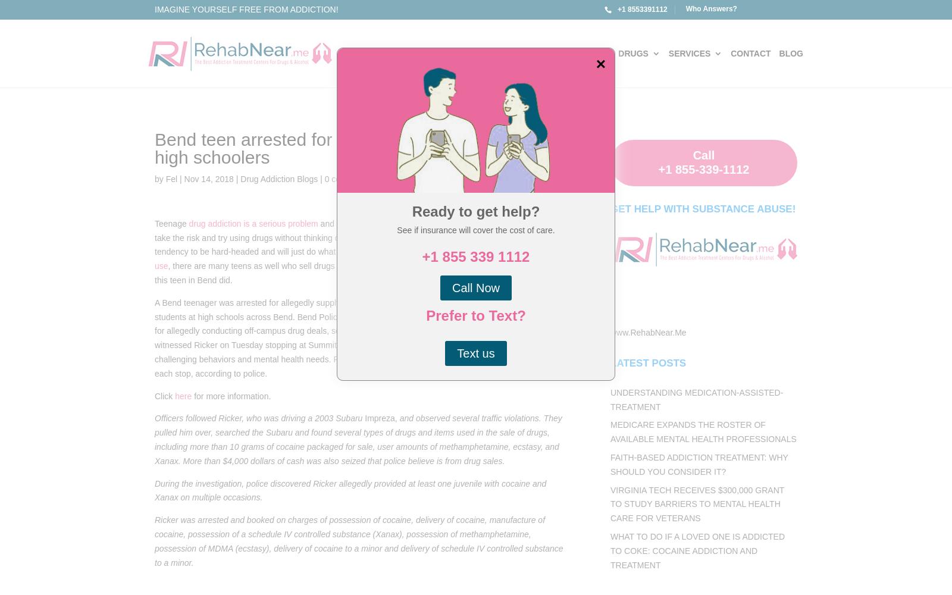 The width and height of the screenshot is (952, 595). Describe the element at coordinates (648, 333) in the screenshot. I see `'www.RehabNear.Me'` at that location.